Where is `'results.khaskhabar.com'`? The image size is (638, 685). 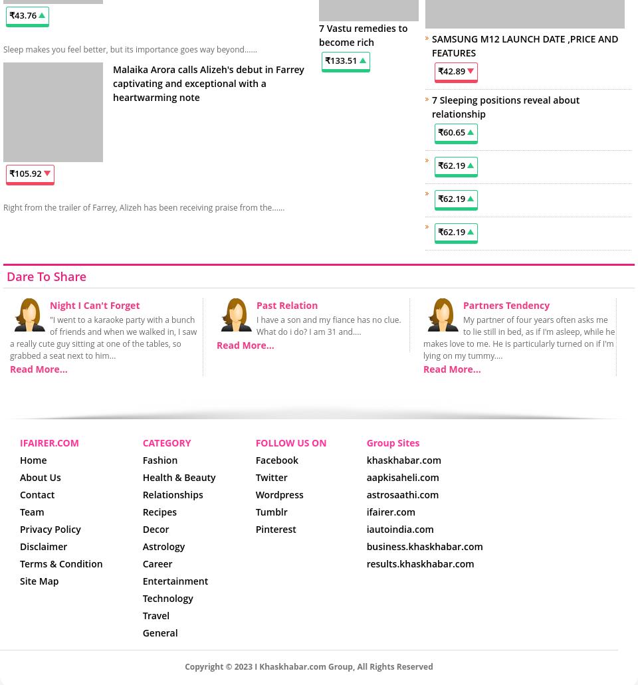 'results.khaskhabar.com' is located at coordinates (419, 563).